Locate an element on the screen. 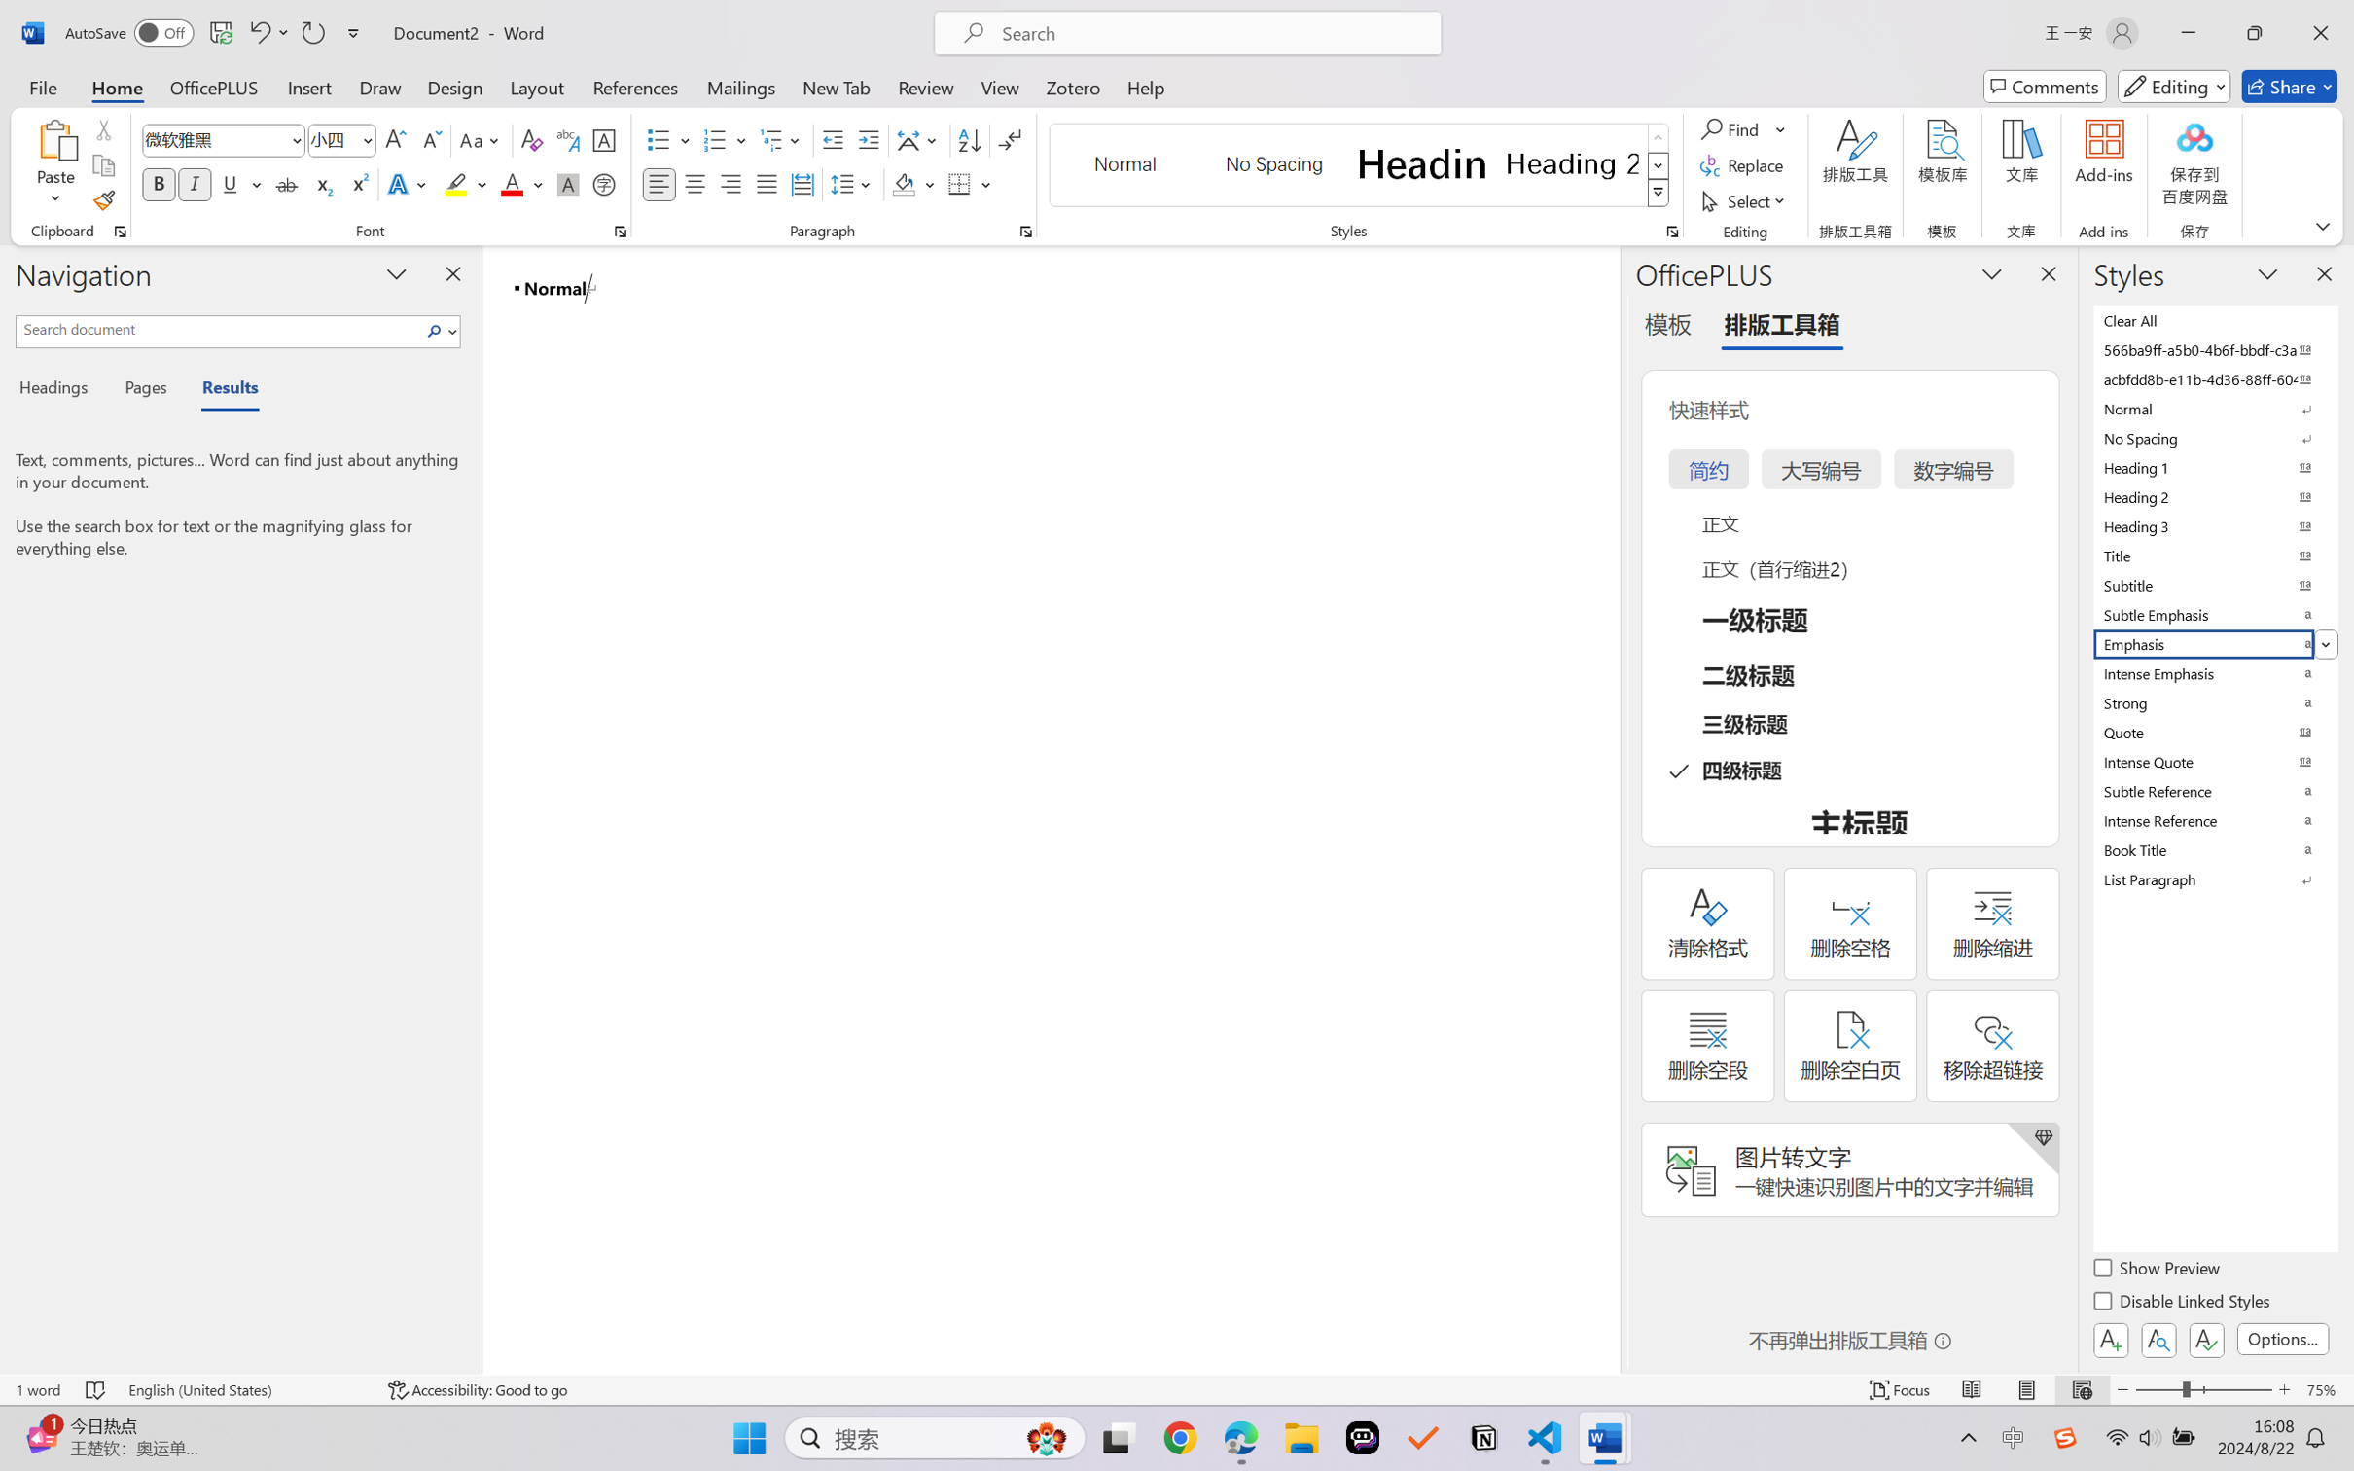 Image resolution: width=2354 pixels, height=1471 pixels. 'Font' is located at coordinates (214, 140).